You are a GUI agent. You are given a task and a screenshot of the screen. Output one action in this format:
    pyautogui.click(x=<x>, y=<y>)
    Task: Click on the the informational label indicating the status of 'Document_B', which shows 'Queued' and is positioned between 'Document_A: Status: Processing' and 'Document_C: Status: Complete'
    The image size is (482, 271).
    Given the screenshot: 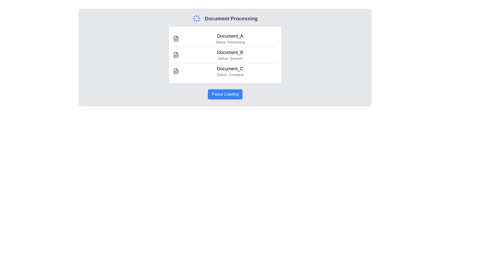 What is the action you would take?
    pyautogui.click(x=225, y=55)
    